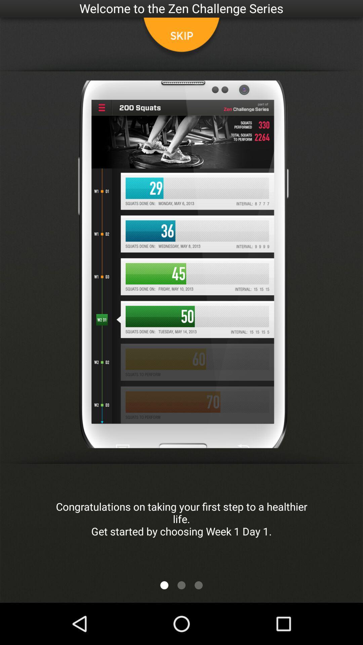 This screenshot has width=363, height=645. Describe the element at coordinates (182, 38) in the screenshot. I see `skip button` at that location.